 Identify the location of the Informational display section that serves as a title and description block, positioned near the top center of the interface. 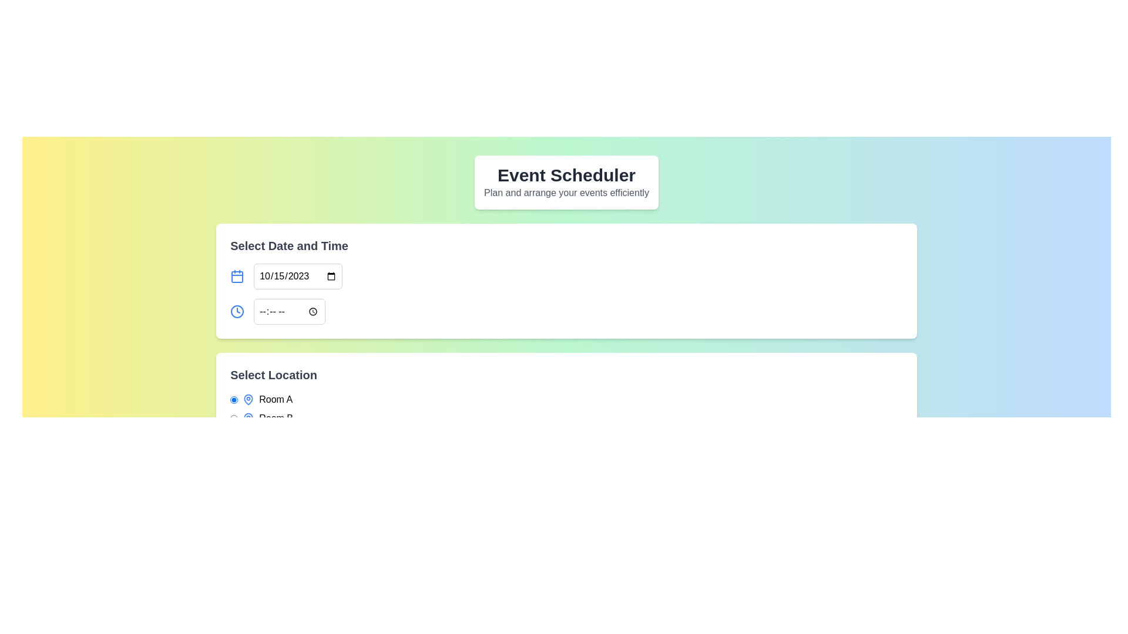
(566, 183).